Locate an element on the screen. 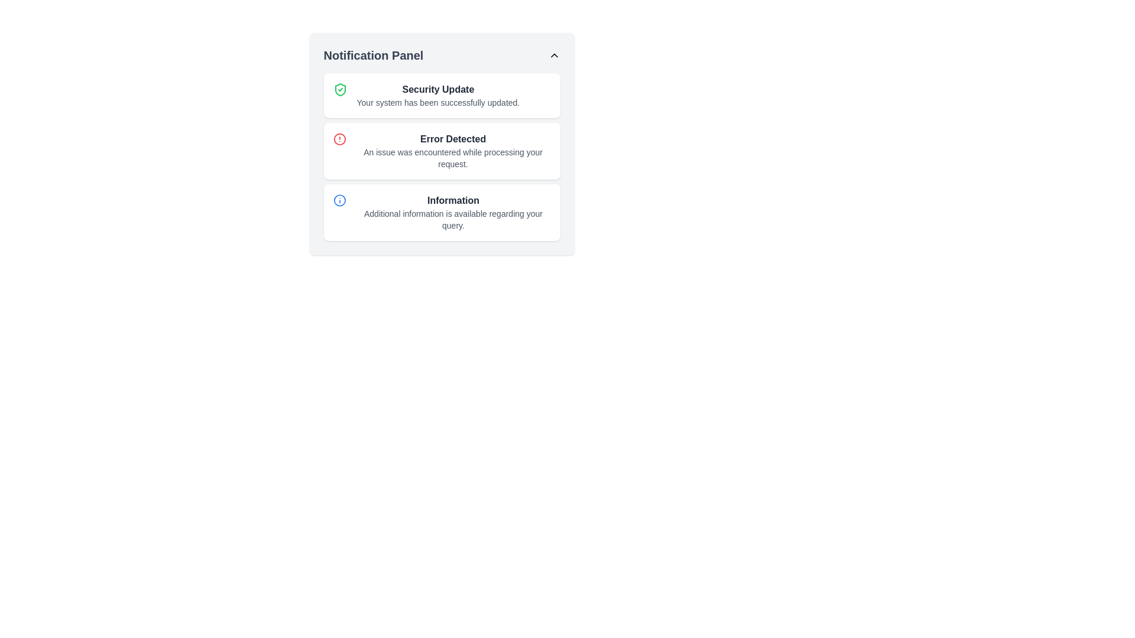 The width and height of the screenshot is (1135, 638). the informational block or notification card conveying a message about a successful system security update, located in the notification panel just below the panel title 'Notification Panel' is located at coordinates (437, 95).